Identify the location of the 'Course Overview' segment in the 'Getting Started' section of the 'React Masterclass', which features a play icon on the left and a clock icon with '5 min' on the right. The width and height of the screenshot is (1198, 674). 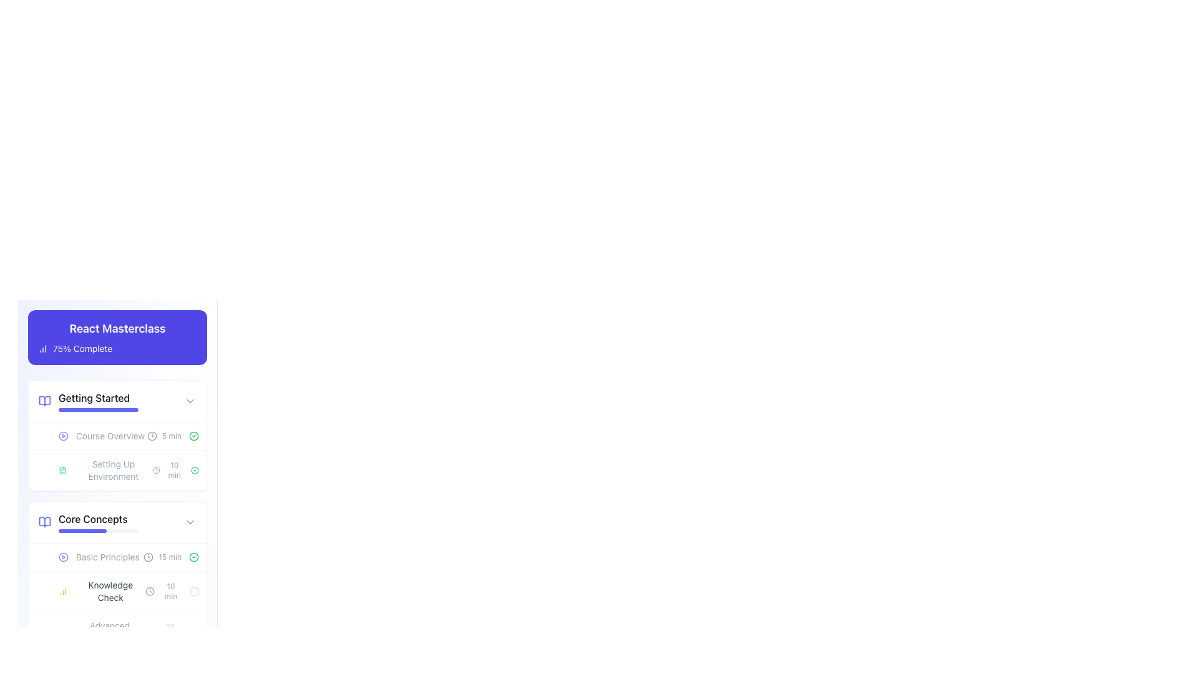
(102, 435).